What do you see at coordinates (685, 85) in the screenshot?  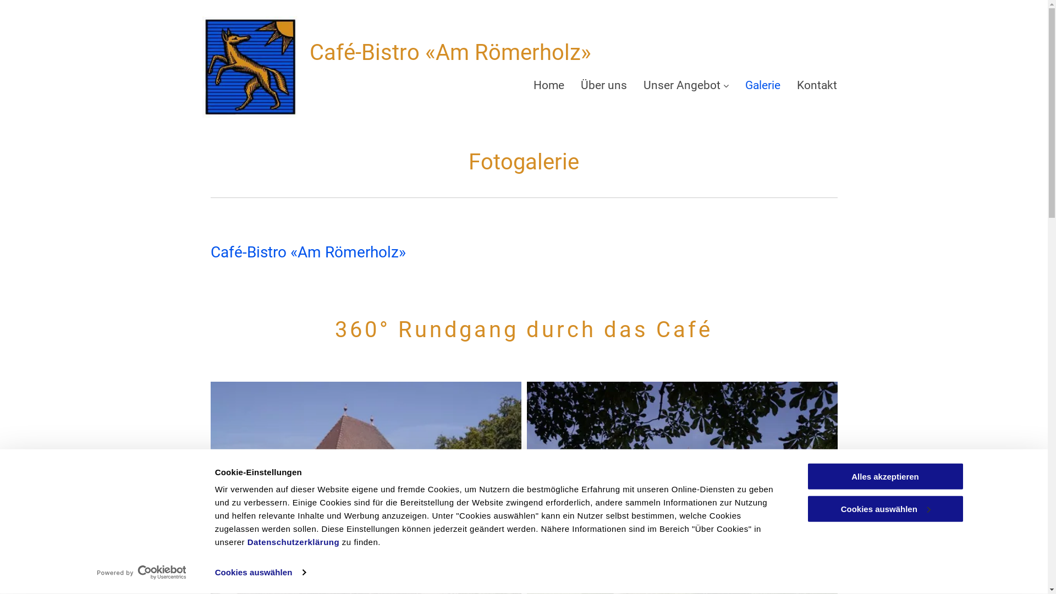 I see `'Unser Angebot'` at bounding box center [685, 85].